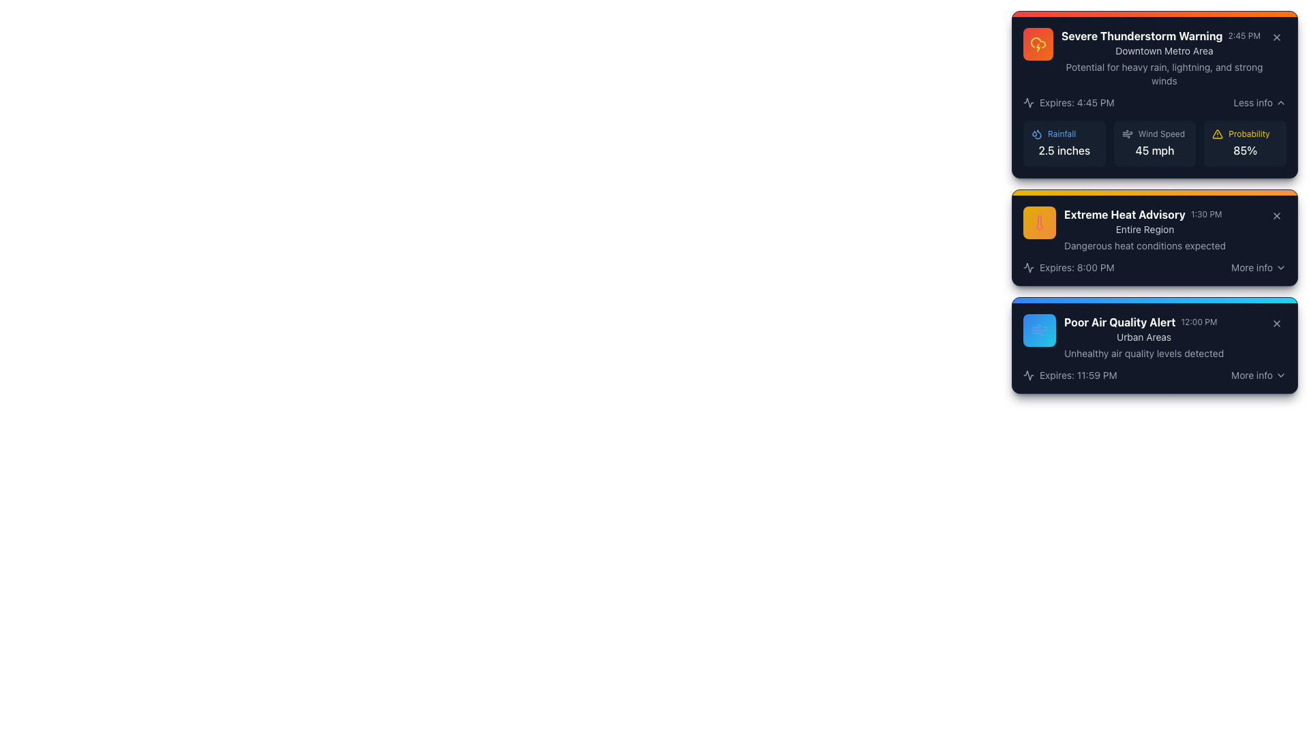 Image resolution: width=1309 pixels, height=736 pixels. Describe the element at coordinates (1245, 150) in the screenshot. I see `value displayed in the probability metric text label located in the bottom-right section of the topmost alert card, following the 'Probability' label` at that location.